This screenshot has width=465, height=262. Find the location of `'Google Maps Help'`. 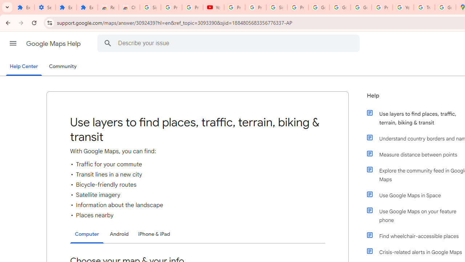

'Google Maps Help' is located at coordinates (54, 43).